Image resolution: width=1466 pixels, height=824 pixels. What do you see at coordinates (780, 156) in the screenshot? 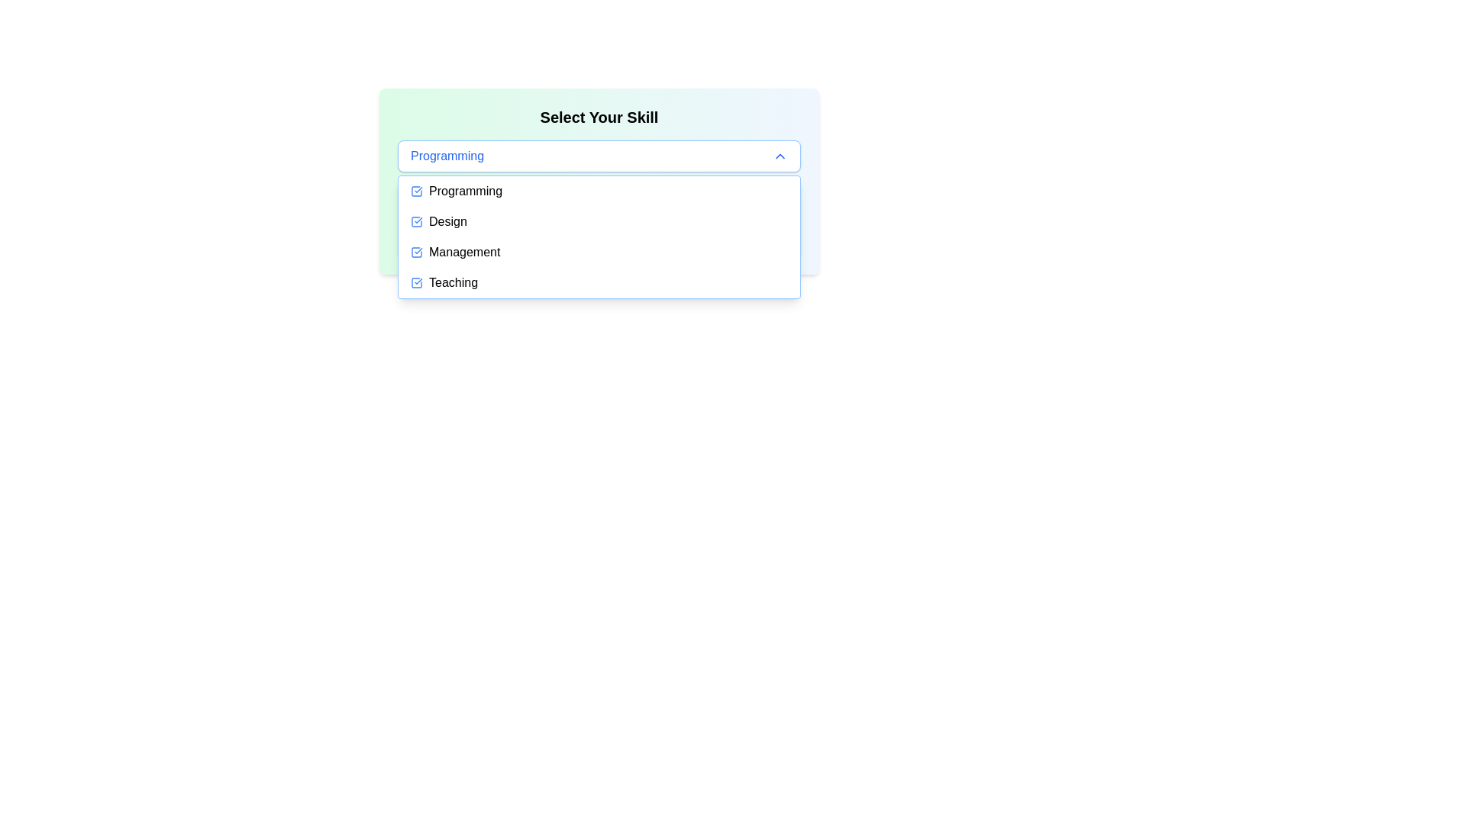
I see `the dropdown toggle icon located to the right of the 'Programming' text` at bounding box center [780, 156].